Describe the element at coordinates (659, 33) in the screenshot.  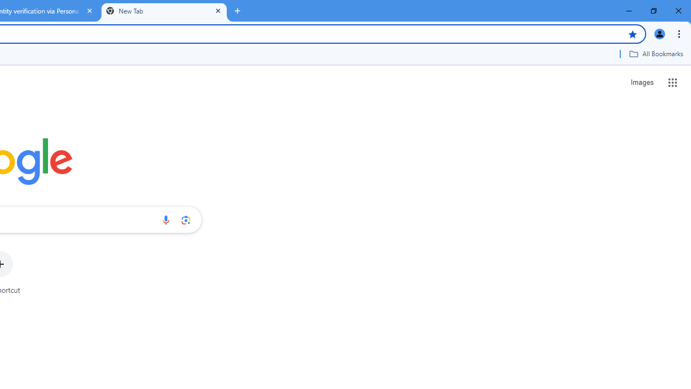
I see `'You'` at that location.